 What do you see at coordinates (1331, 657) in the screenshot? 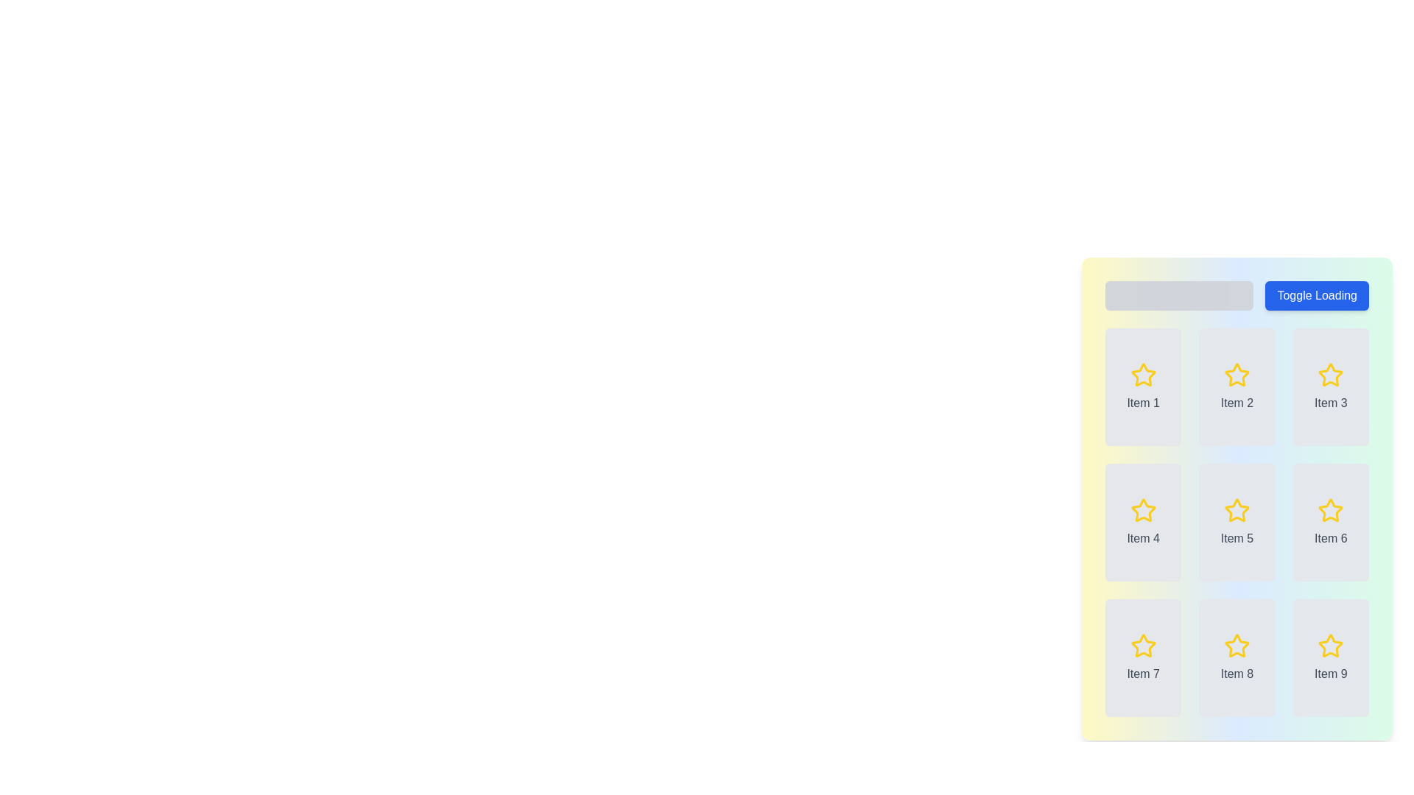
I see `the item display panel located in the bottom-right corner of the 3x3 grid to view its details` at bounding box center [1331, 657].